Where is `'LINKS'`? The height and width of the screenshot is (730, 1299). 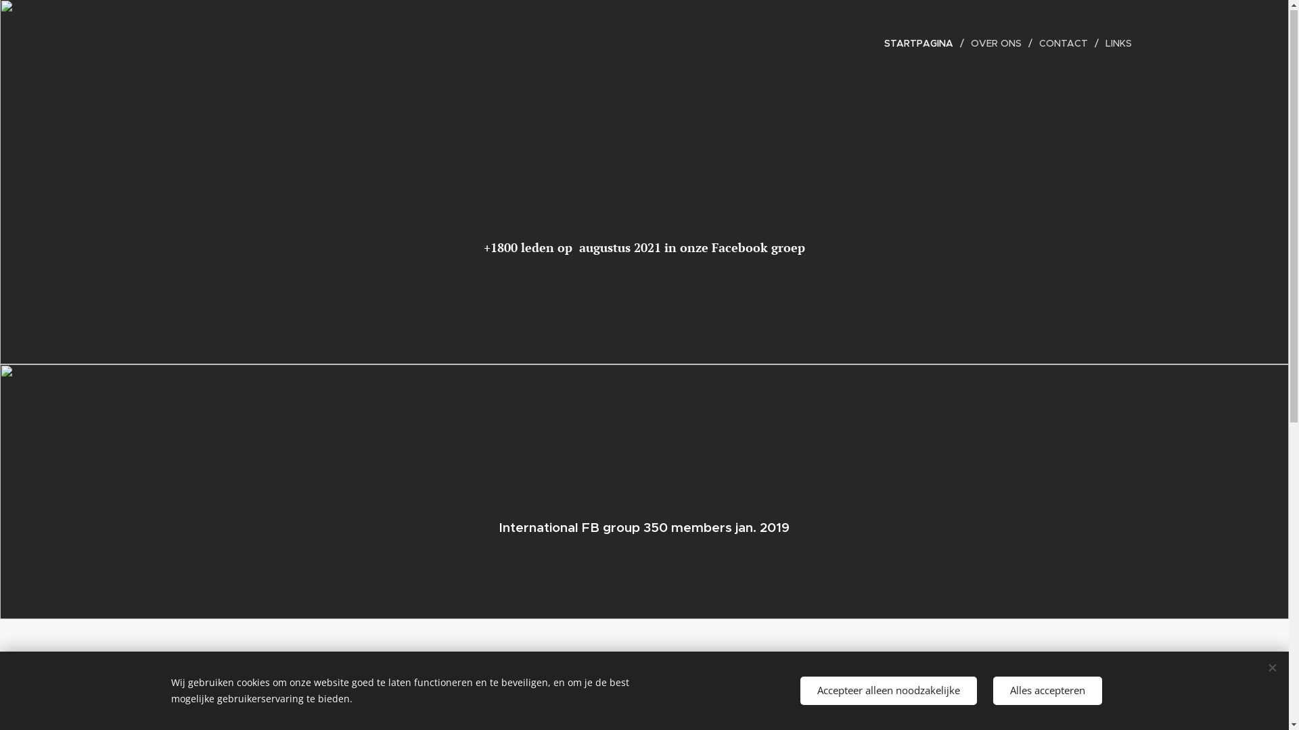 'LINKS' is located at coordinates (1115, 43).